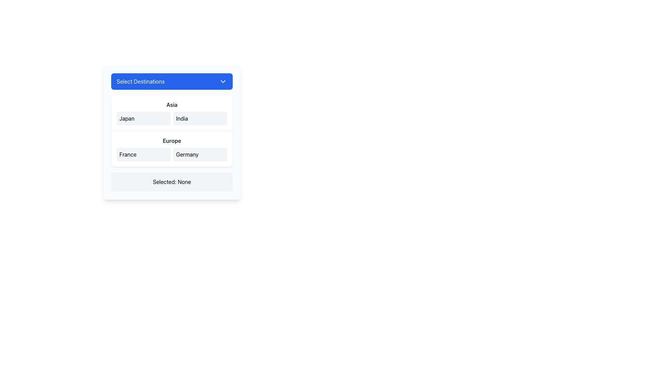 This screenshot has width=659, height=370. What do you see at coordinates (200, 155) in the screenshot?
I see `the button for selecting the country 'Germany' located under the 'Europe' section` at bounding box center [200, 155].